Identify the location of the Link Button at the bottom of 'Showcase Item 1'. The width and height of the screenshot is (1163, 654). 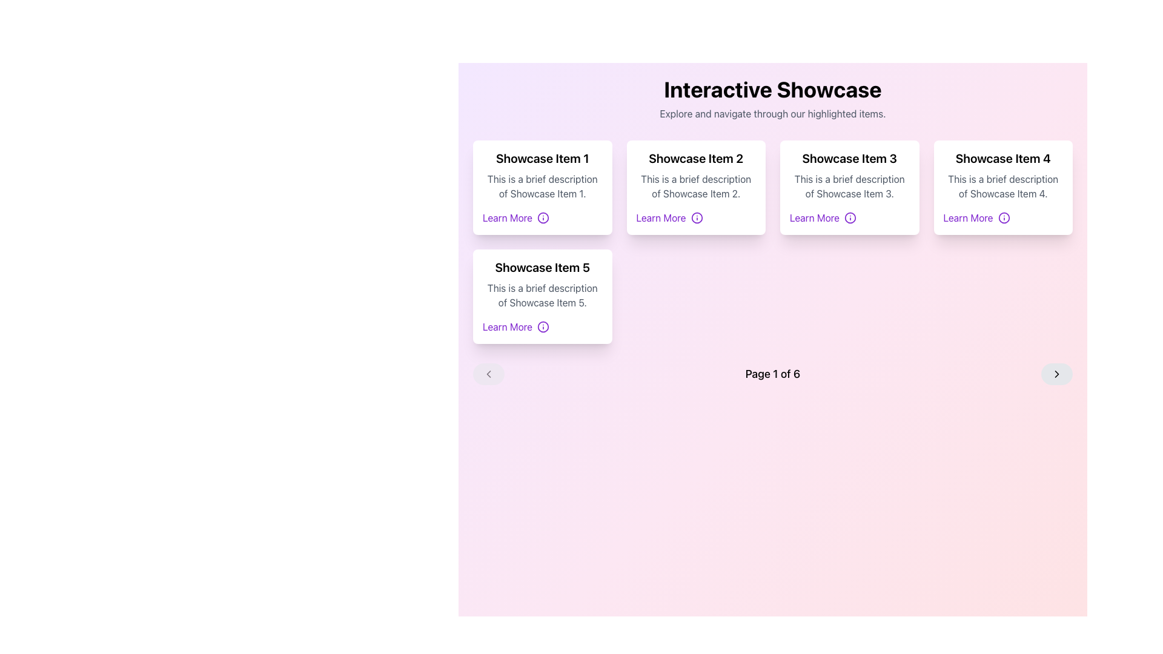
(542, 217).